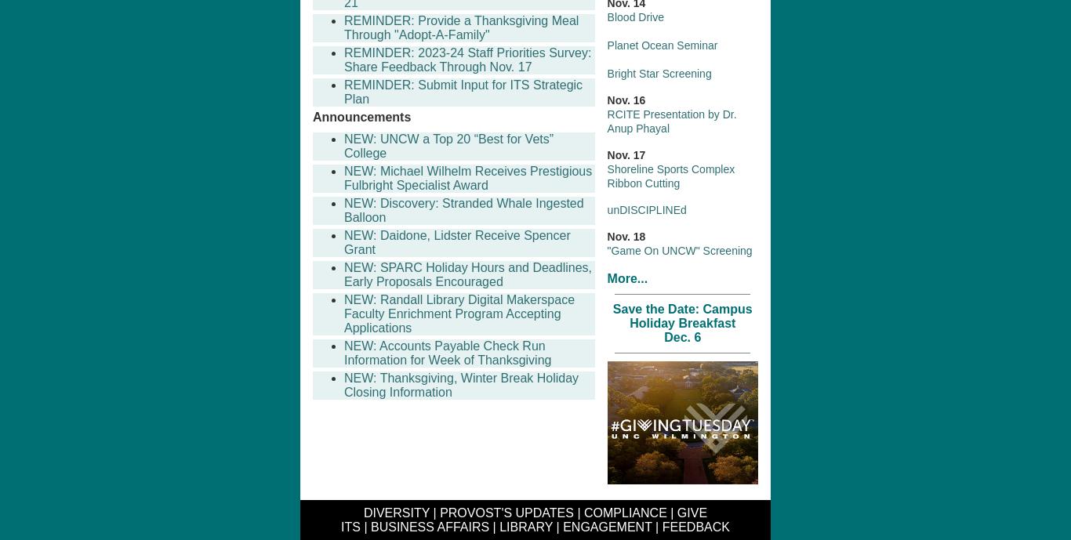 The image size is (1071, 540). I want to click on 'Planet Ocean Seminar', so click(606, 43).